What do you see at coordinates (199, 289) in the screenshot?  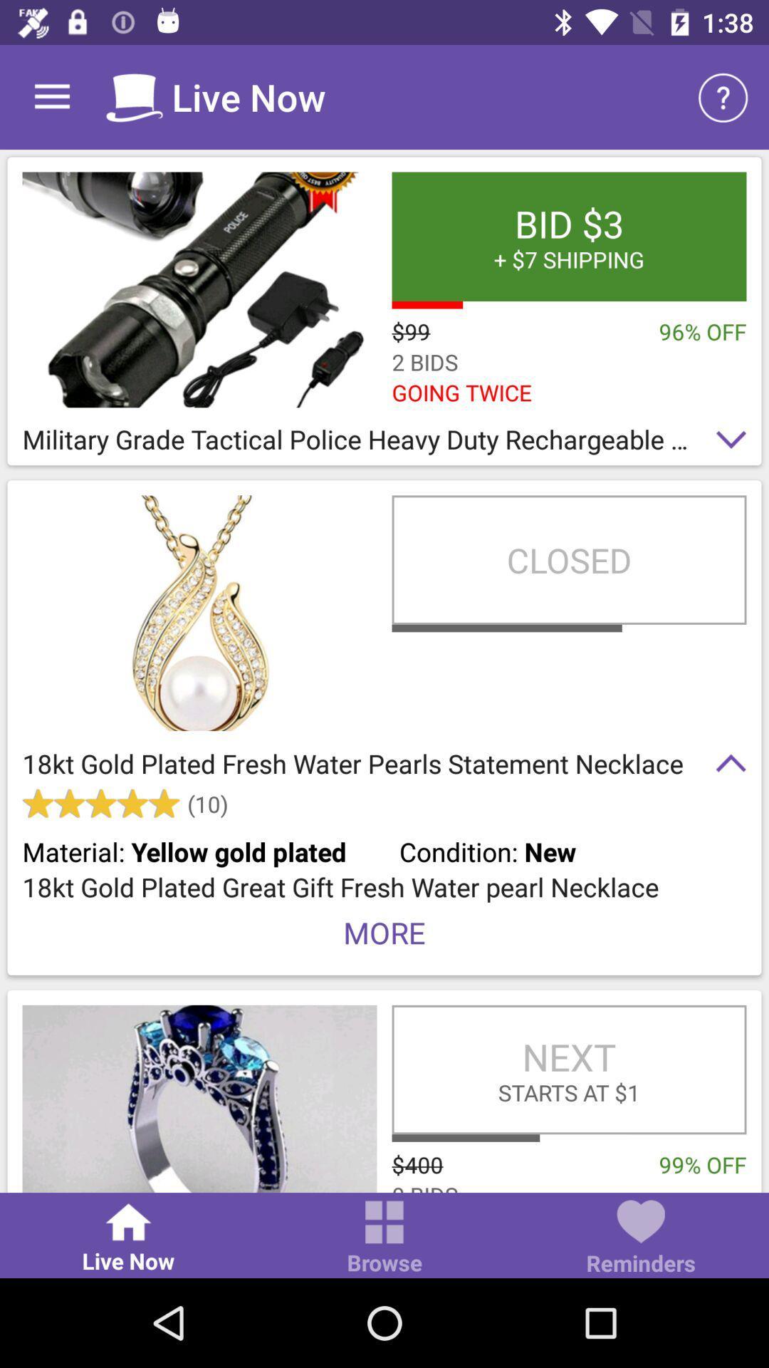 I see `illustrative product image` at bounding box center [199, 289].